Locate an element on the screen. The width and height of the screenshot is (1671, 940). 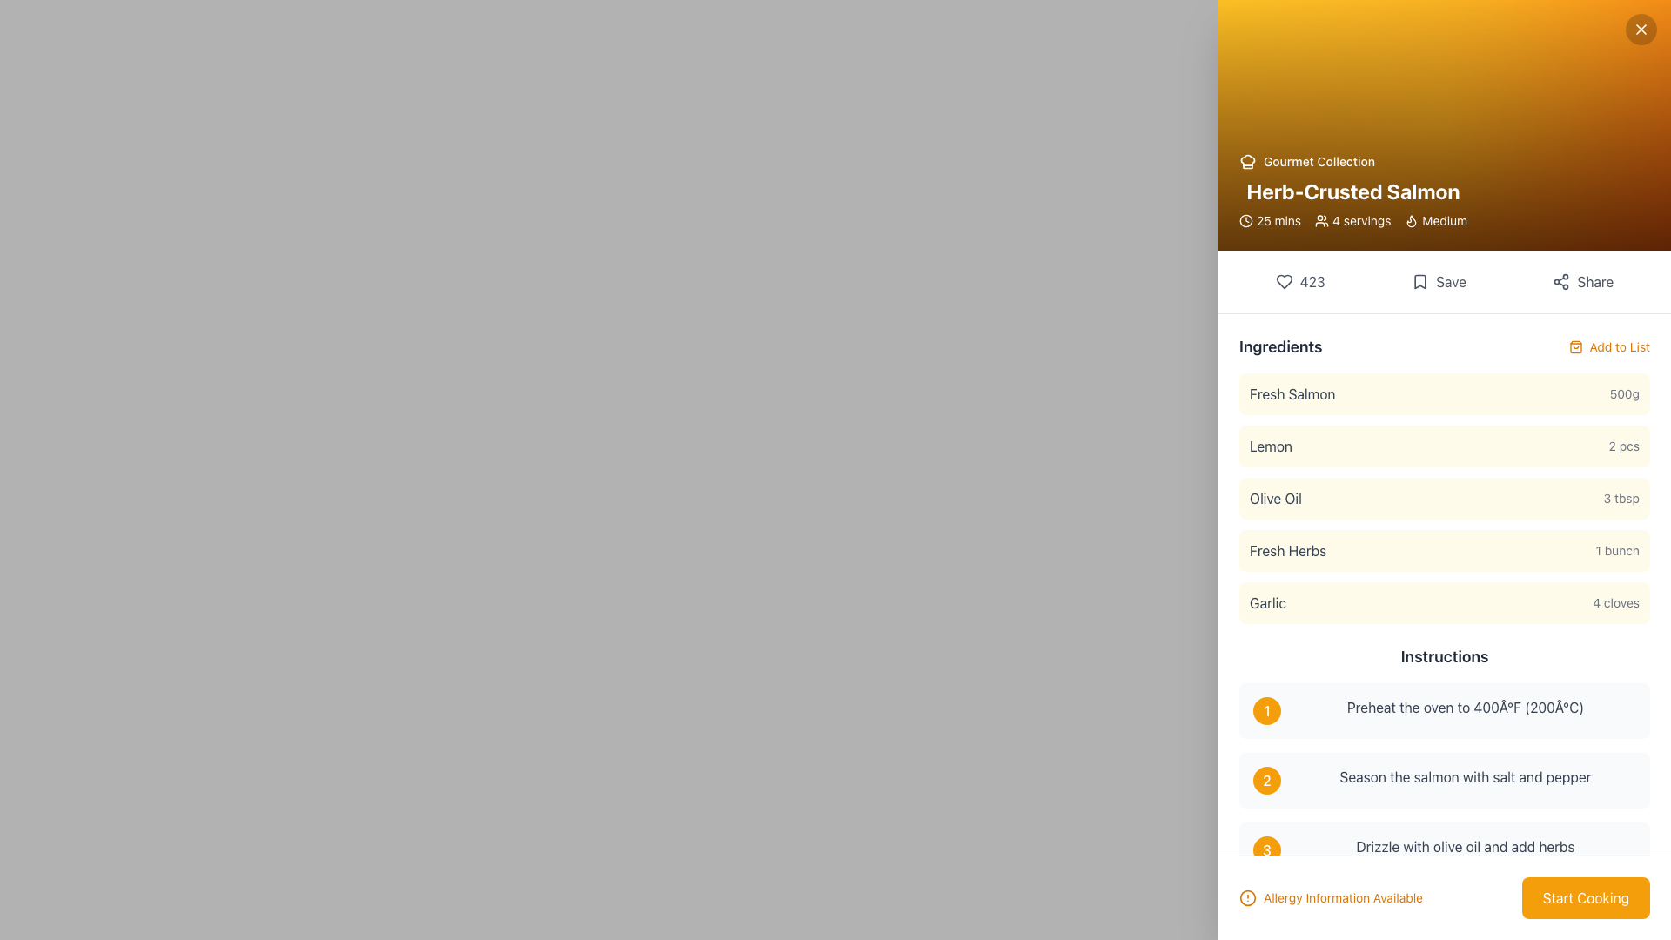
the instructional text element that reads 'Season the salmon with salt and pepper', which is styled in gray and aligned to the left, located under the 'Instructions' header in the recipe interface is located at coordinates (1465, 780).